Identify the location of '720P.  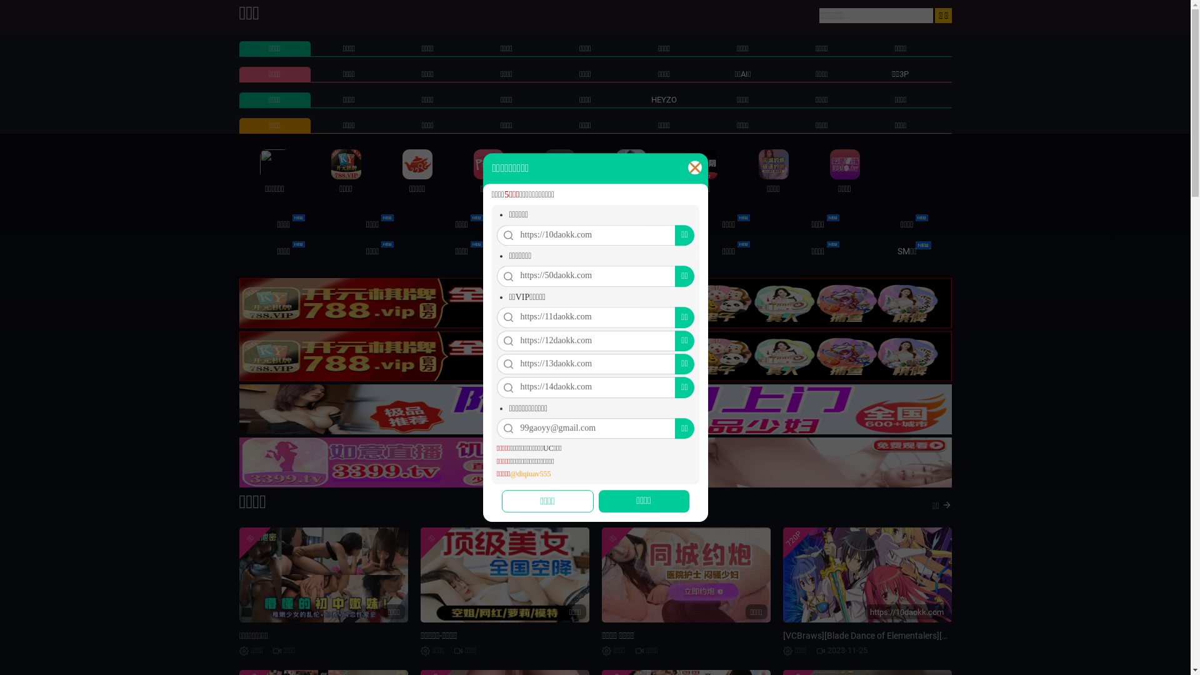
(866, 575).